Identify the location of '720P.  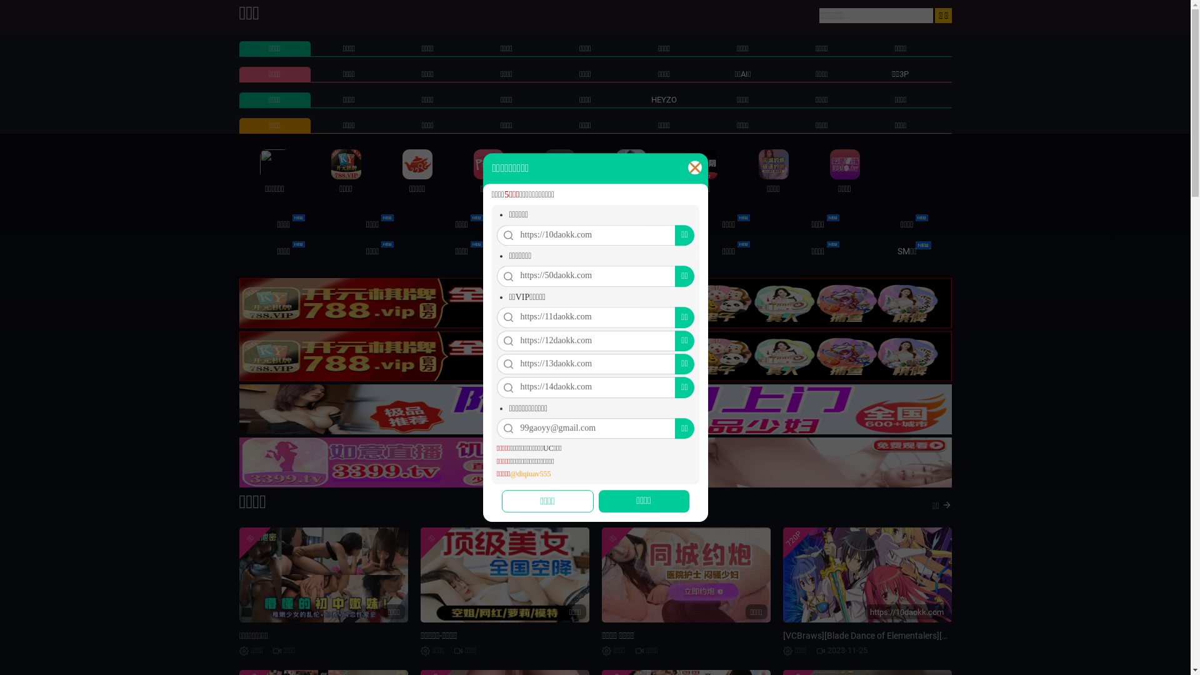
(866, 575).